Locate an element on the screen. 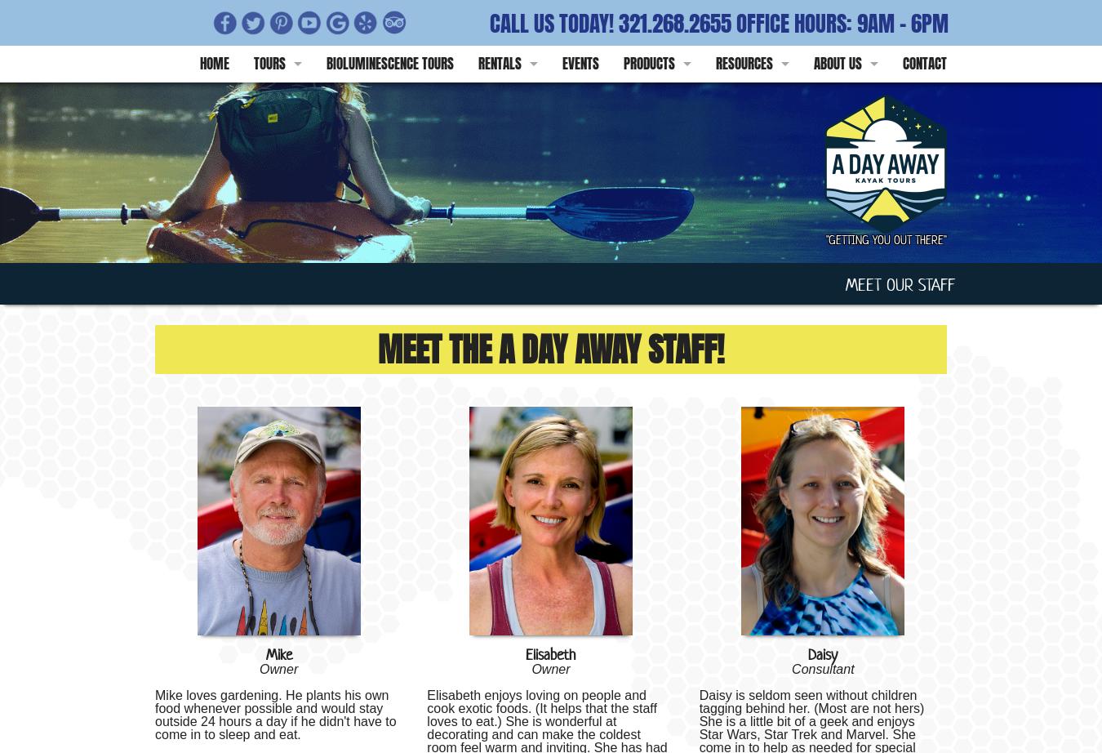 The image size is (1102, 753). 'Mike' is located at coordinates (278, 653).